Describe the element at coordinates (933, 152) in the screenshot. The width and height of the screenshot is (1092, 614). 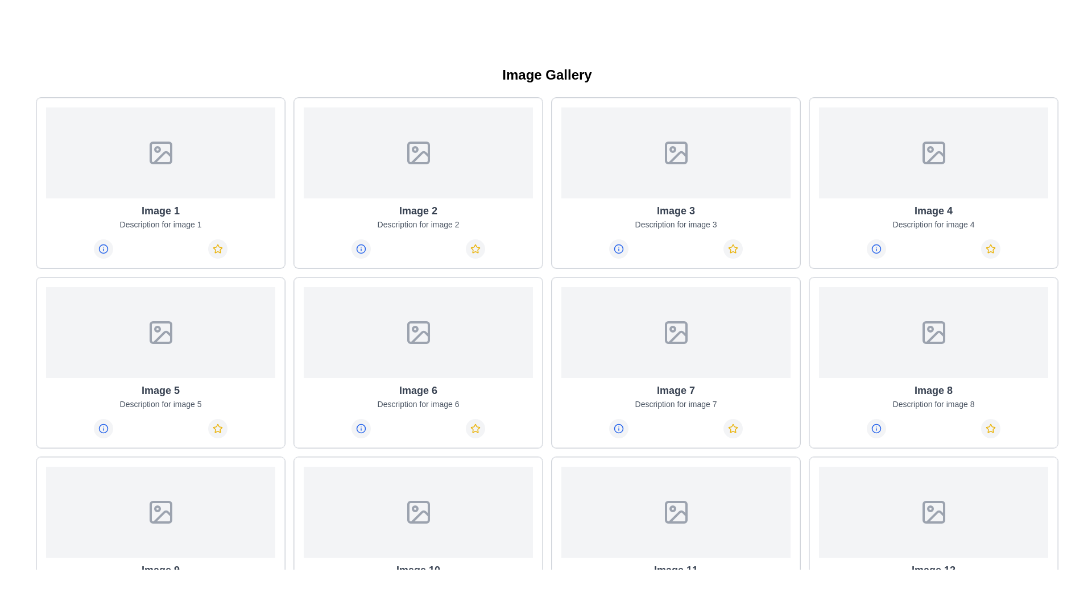
I see `the stylized icon resembling a sun or moon with a mountain shape, located in the center of the fourth image card labeled 'Image 4'` at that location.